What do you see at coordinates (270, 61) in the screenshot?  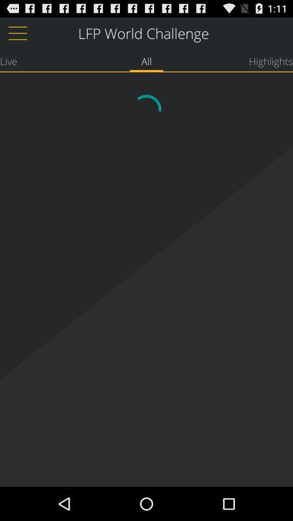 I see `the item to the right of the all app` at bounding box center [270, 61].